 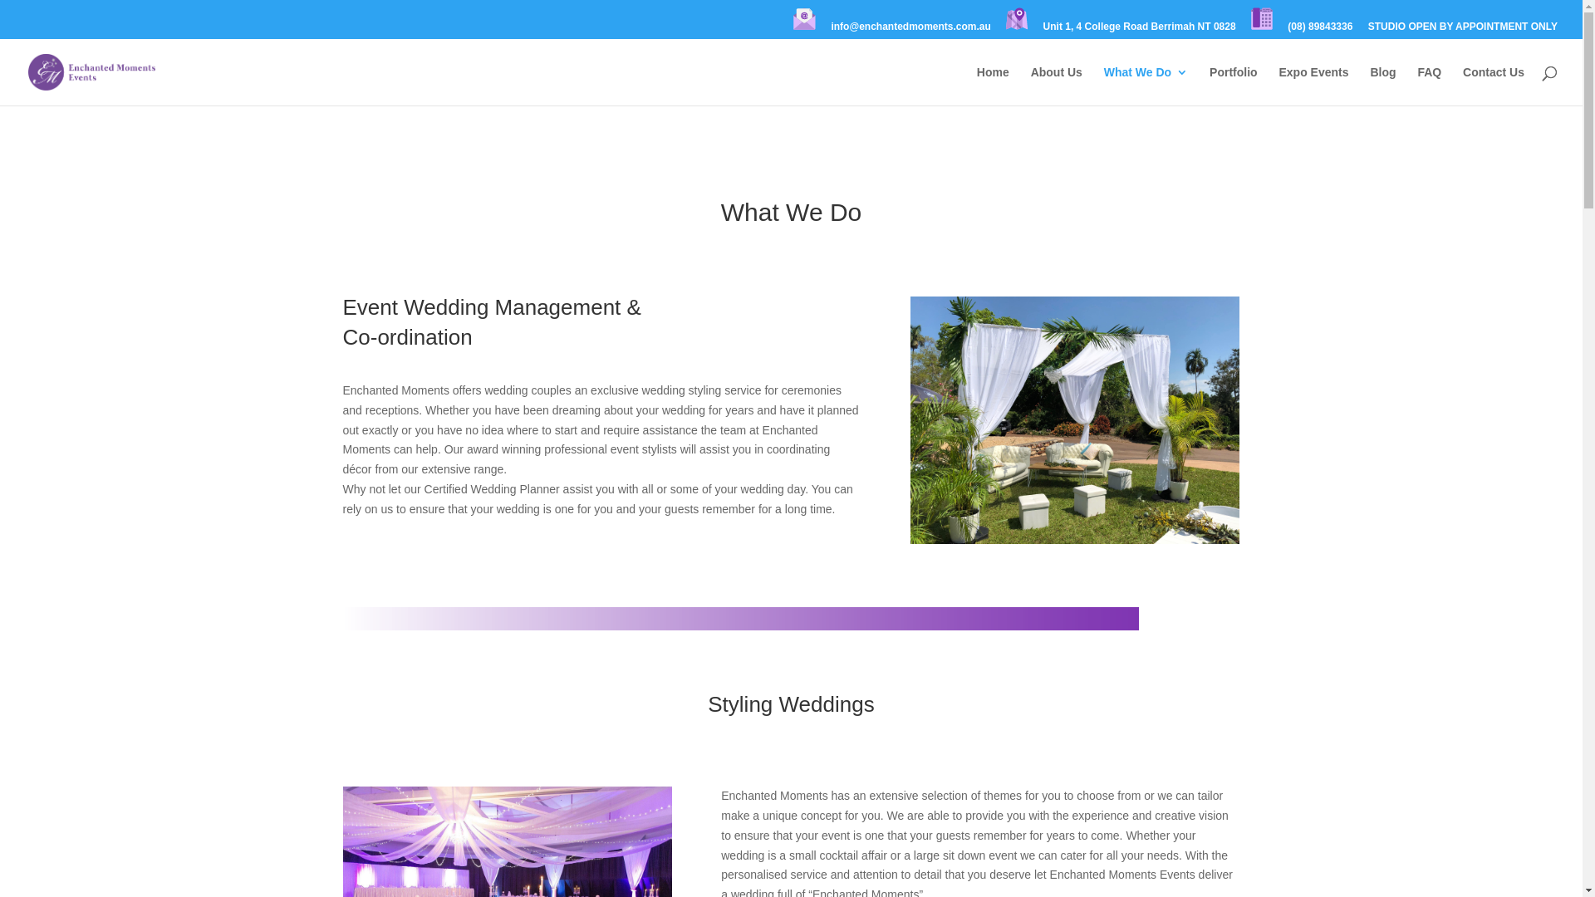 What do you see at coordinates (1318, 30) in the screenshot?
I see `'(08) 89843336'` at bounding box center [1318, 30].